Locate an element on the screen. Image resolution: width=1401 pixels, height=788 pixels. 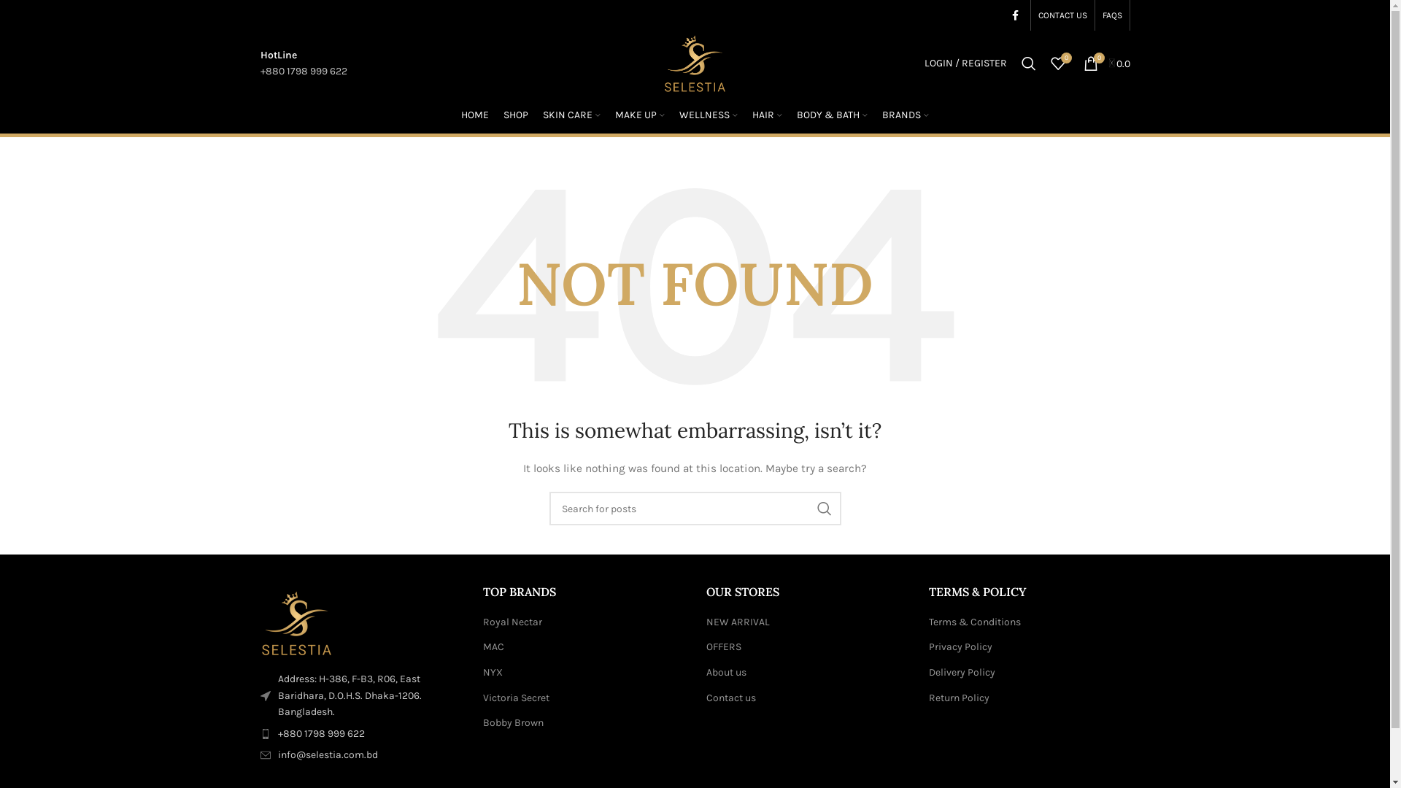
'Terms & Conditions' is located at coordinates (927, 622).